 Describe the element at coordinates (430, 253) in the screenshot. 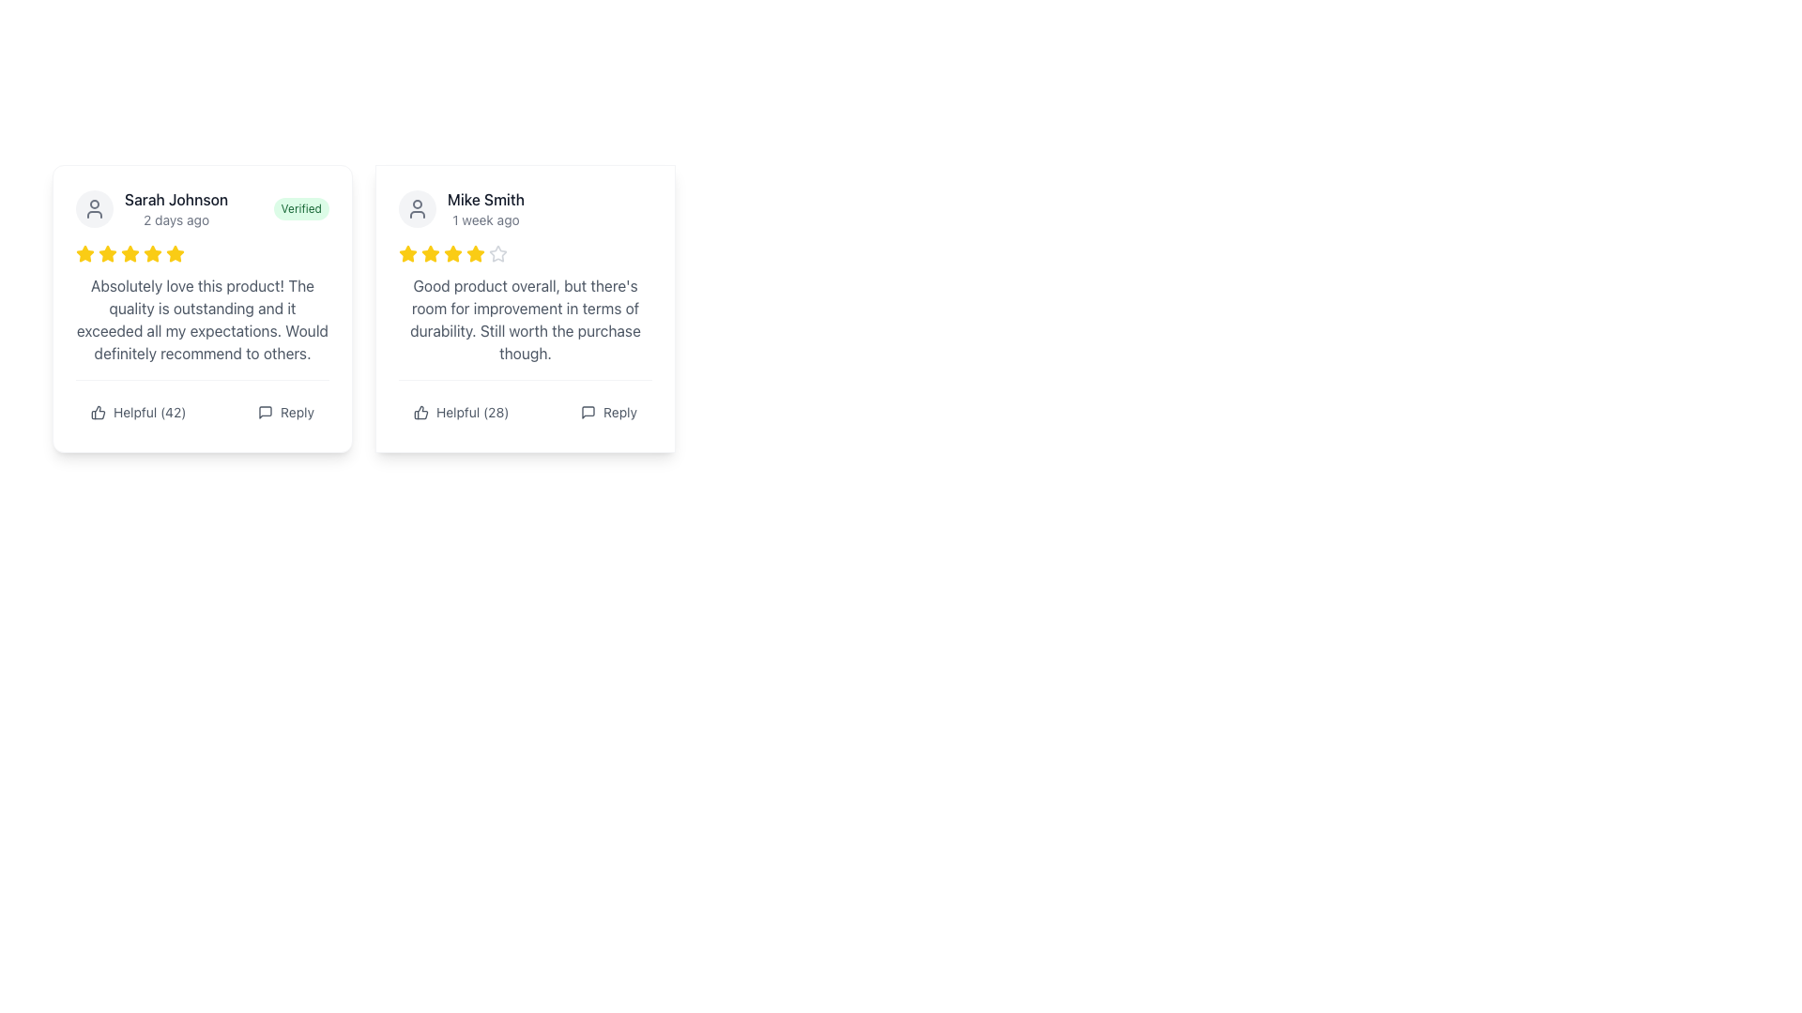

I see `third star icon in the user rating system for the review by 'Mike Smith' using the browser's developer tools` at that location.